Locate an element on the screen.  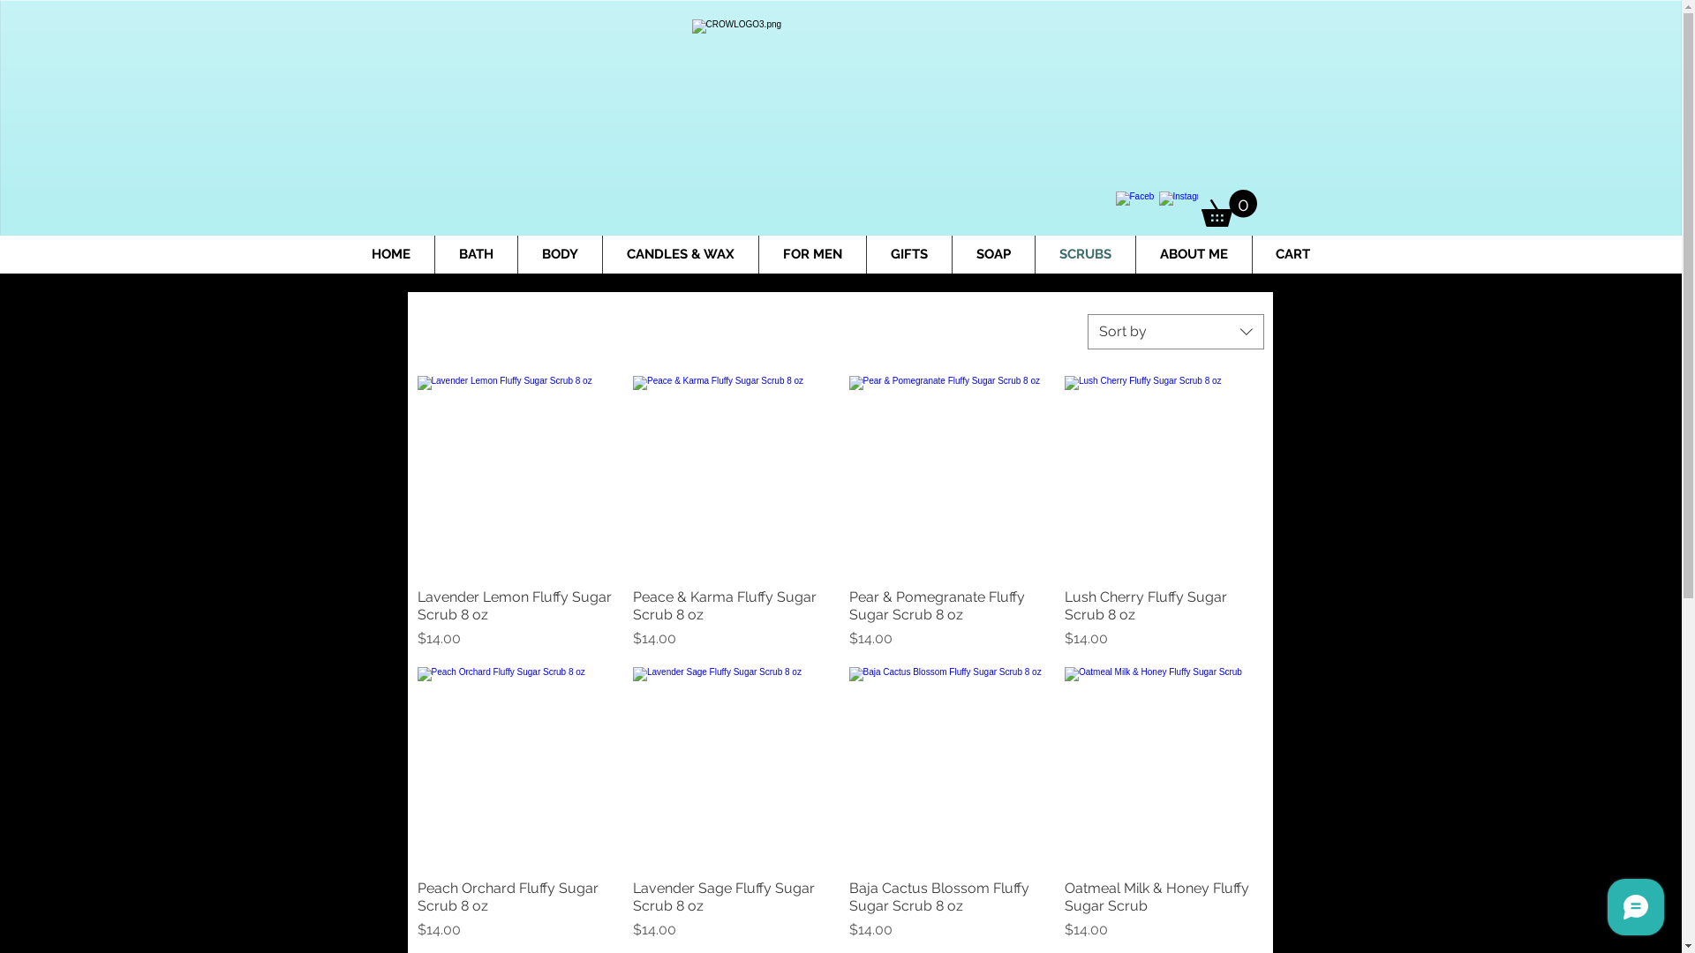
'BODY' is located at coordinates (558, 254).